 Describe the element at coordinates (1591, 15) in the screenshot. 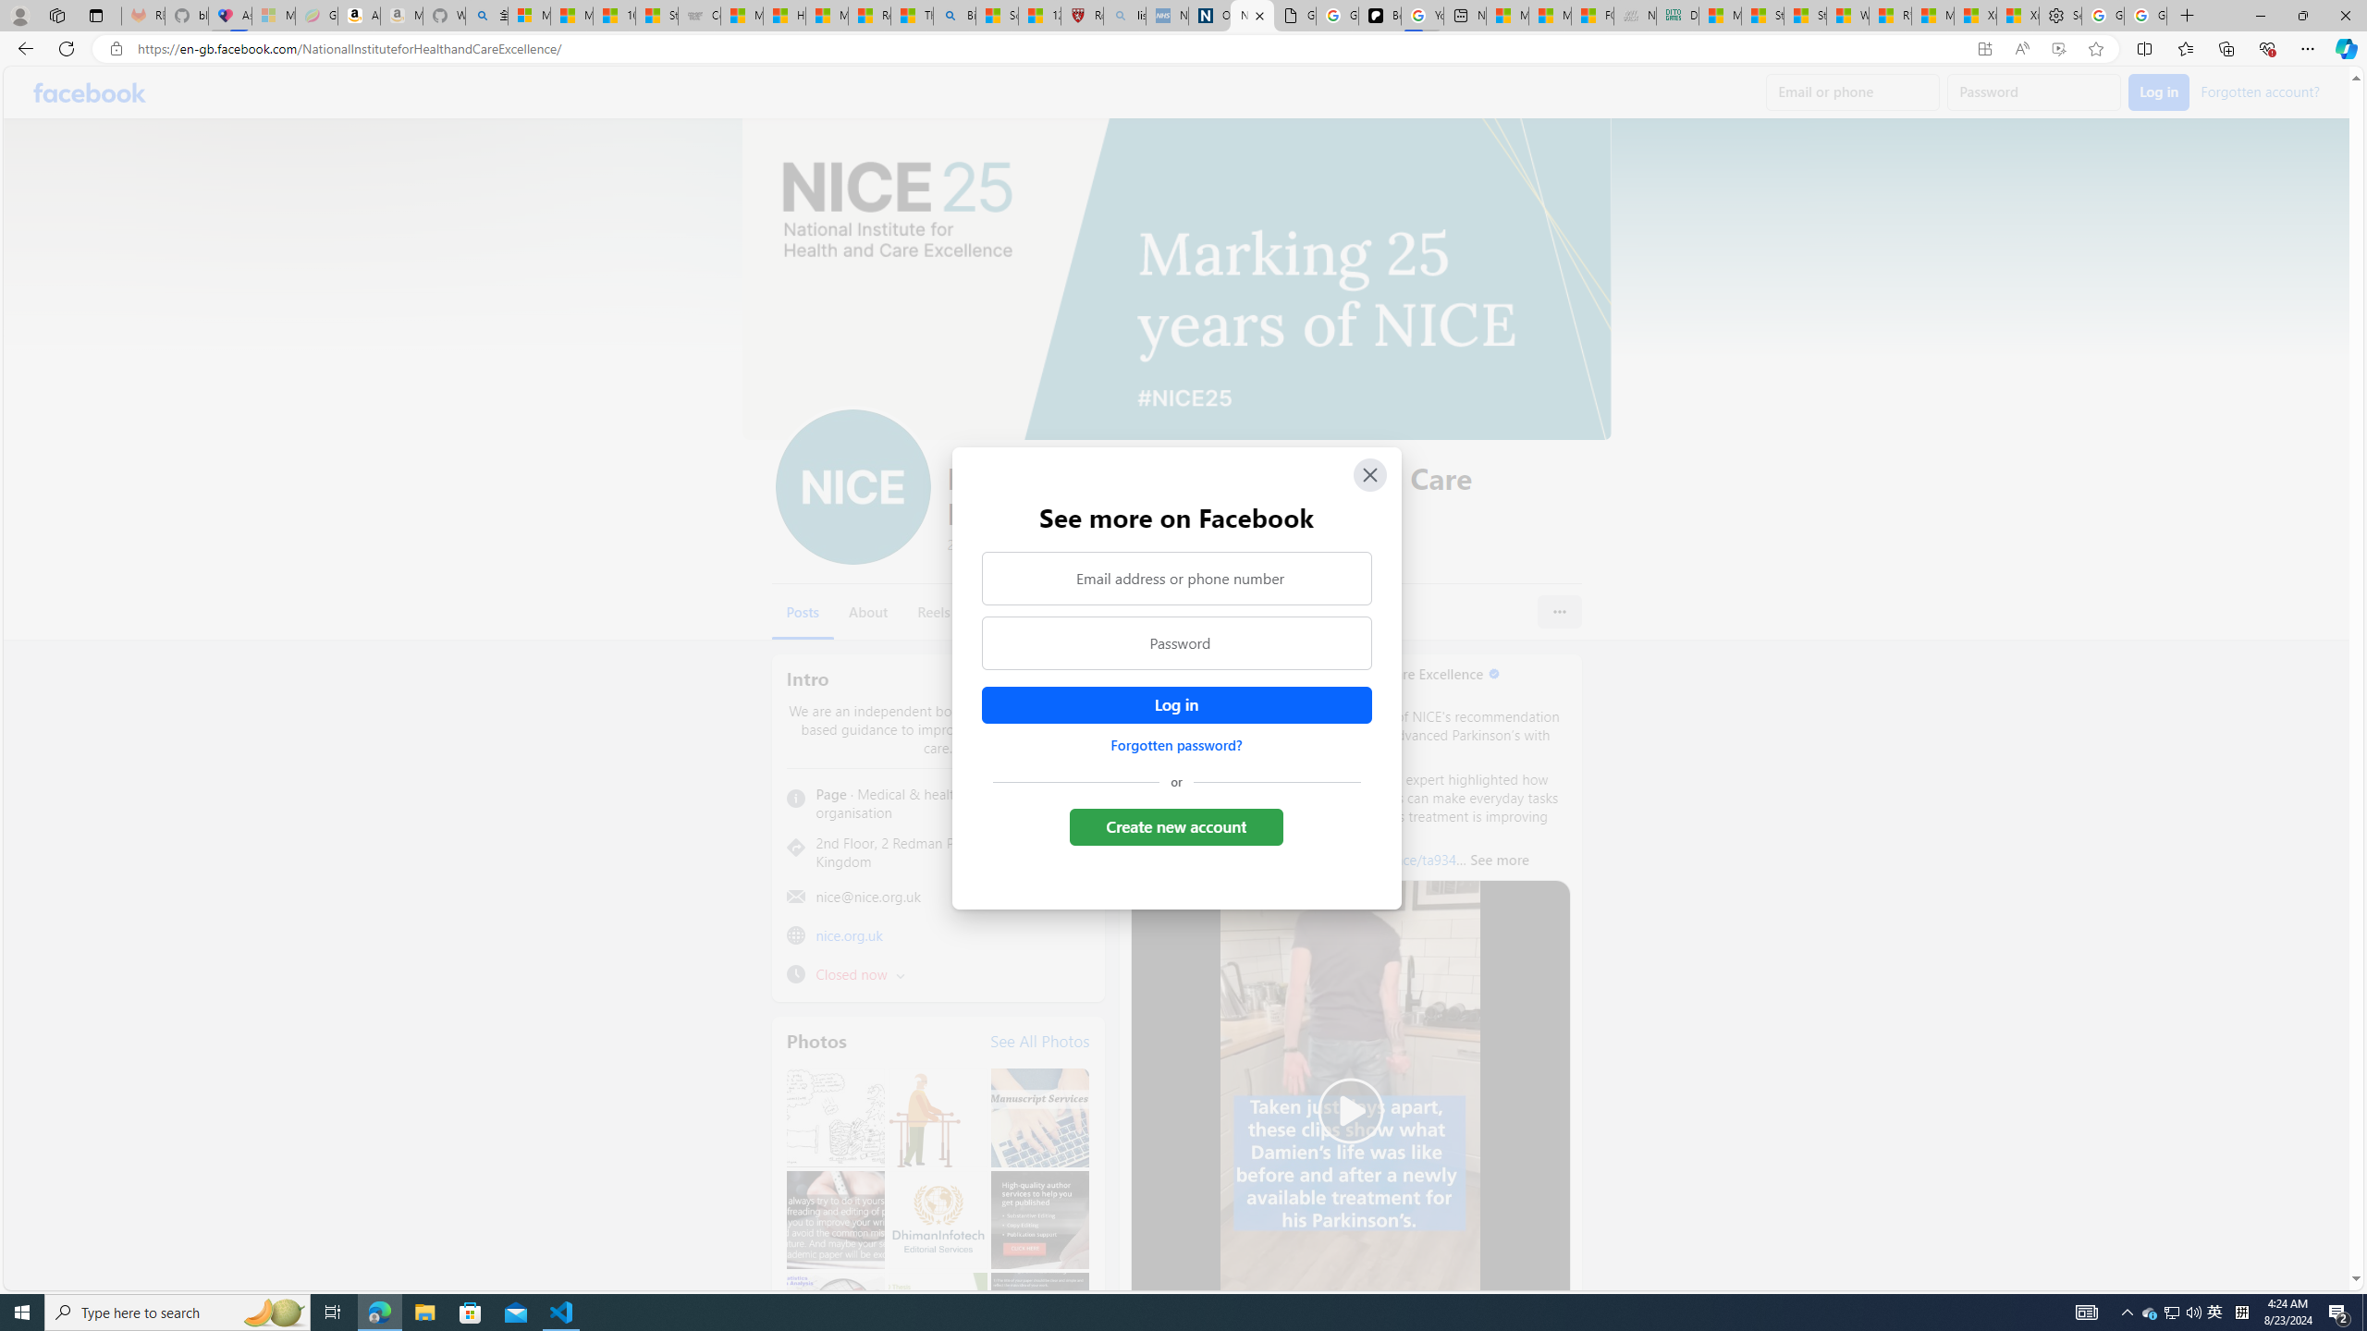

I see `'FOX News - MSN'` at that location.